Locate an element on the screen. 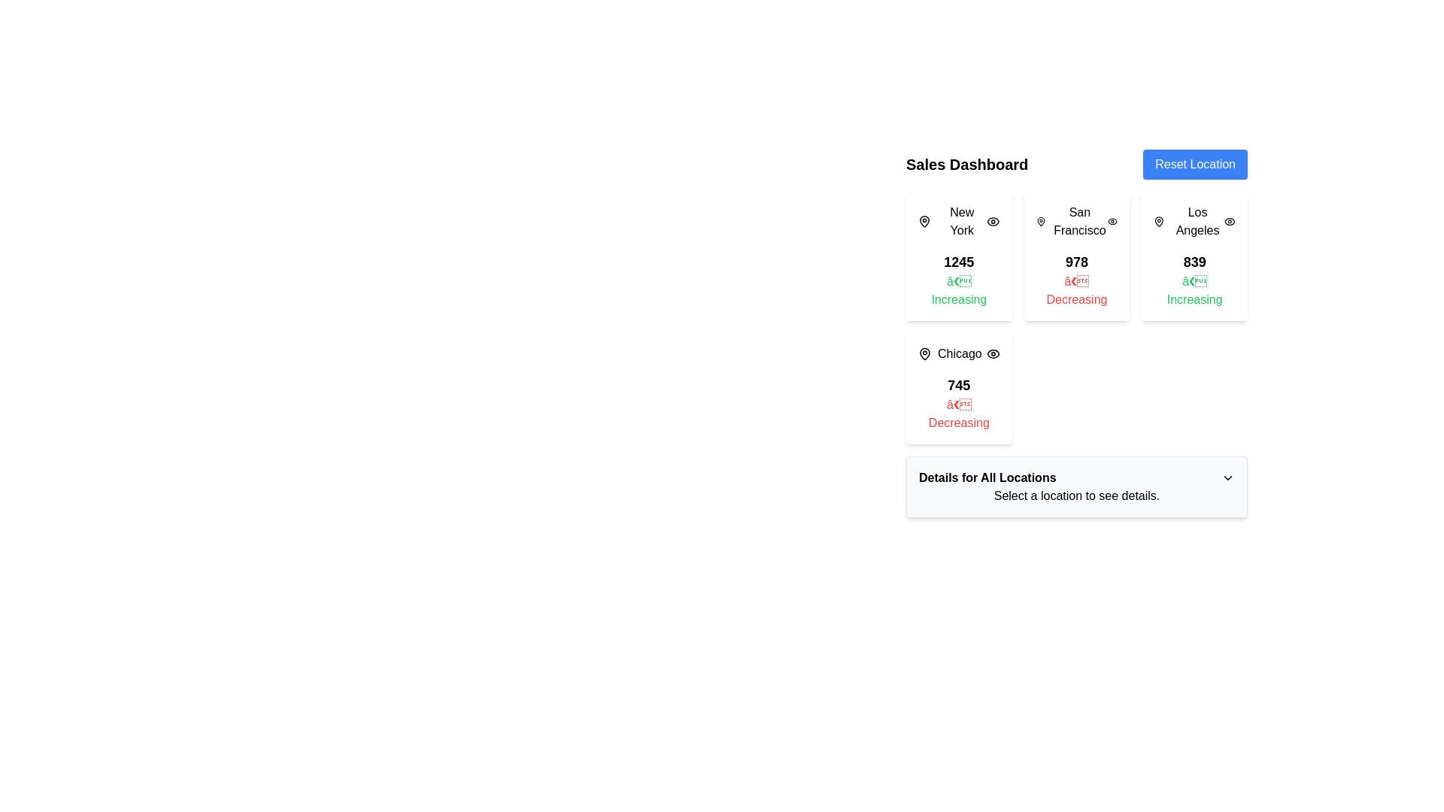 The height and width of the screenshot is (812, 1444). the Text Label displaying 'Chicago' in bold black font, located in the second card of the grid layout under the 'Sales Dashboard' is located at coordinates (959, 353).